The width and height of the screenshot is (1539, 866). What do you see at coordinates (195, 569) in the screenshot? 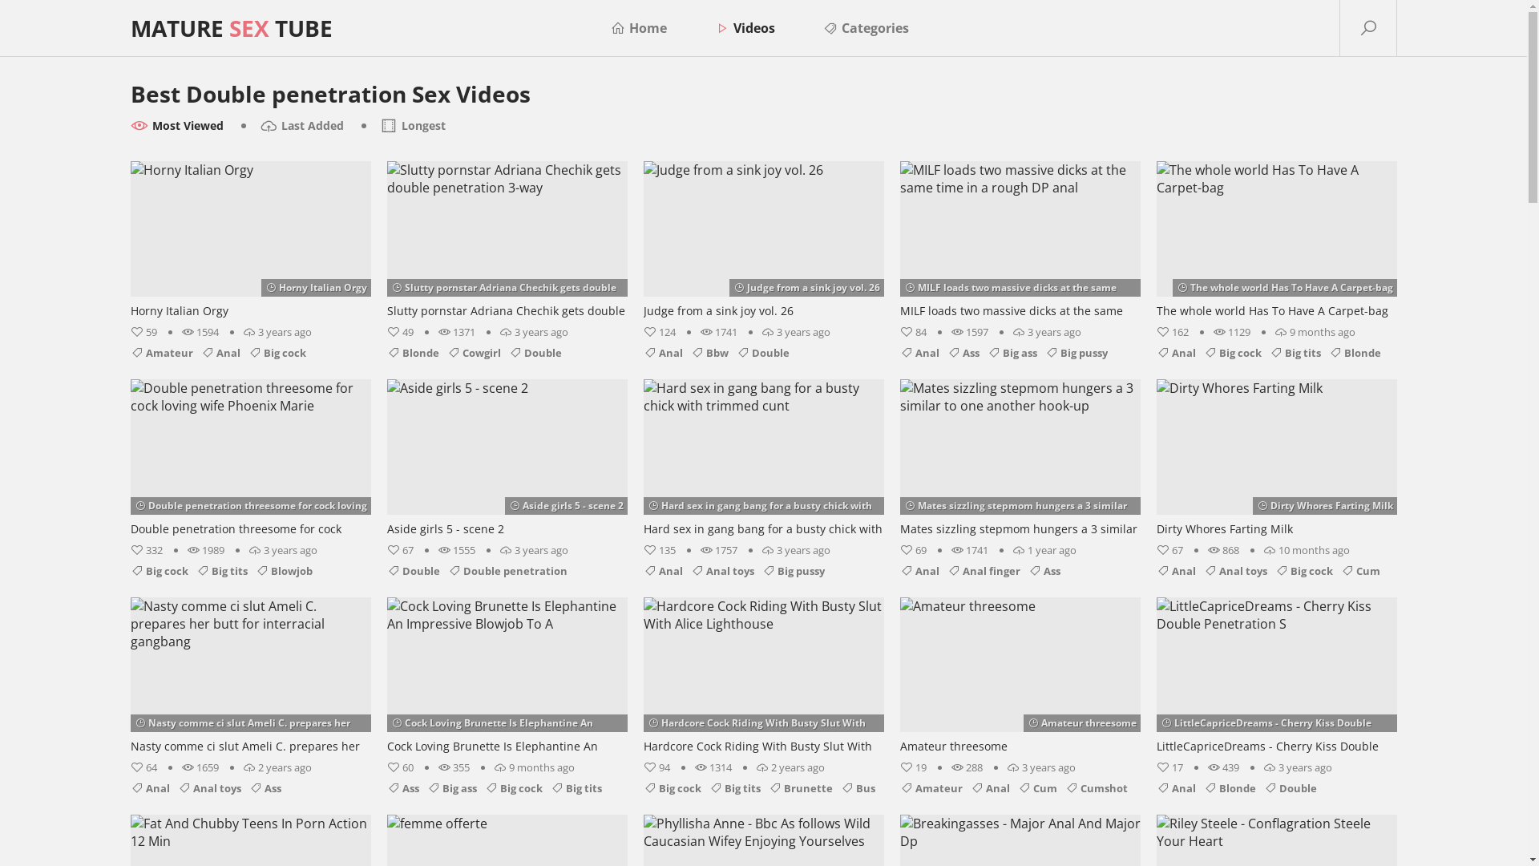
I see `'Big tits'` at bounding box center [195, 569].